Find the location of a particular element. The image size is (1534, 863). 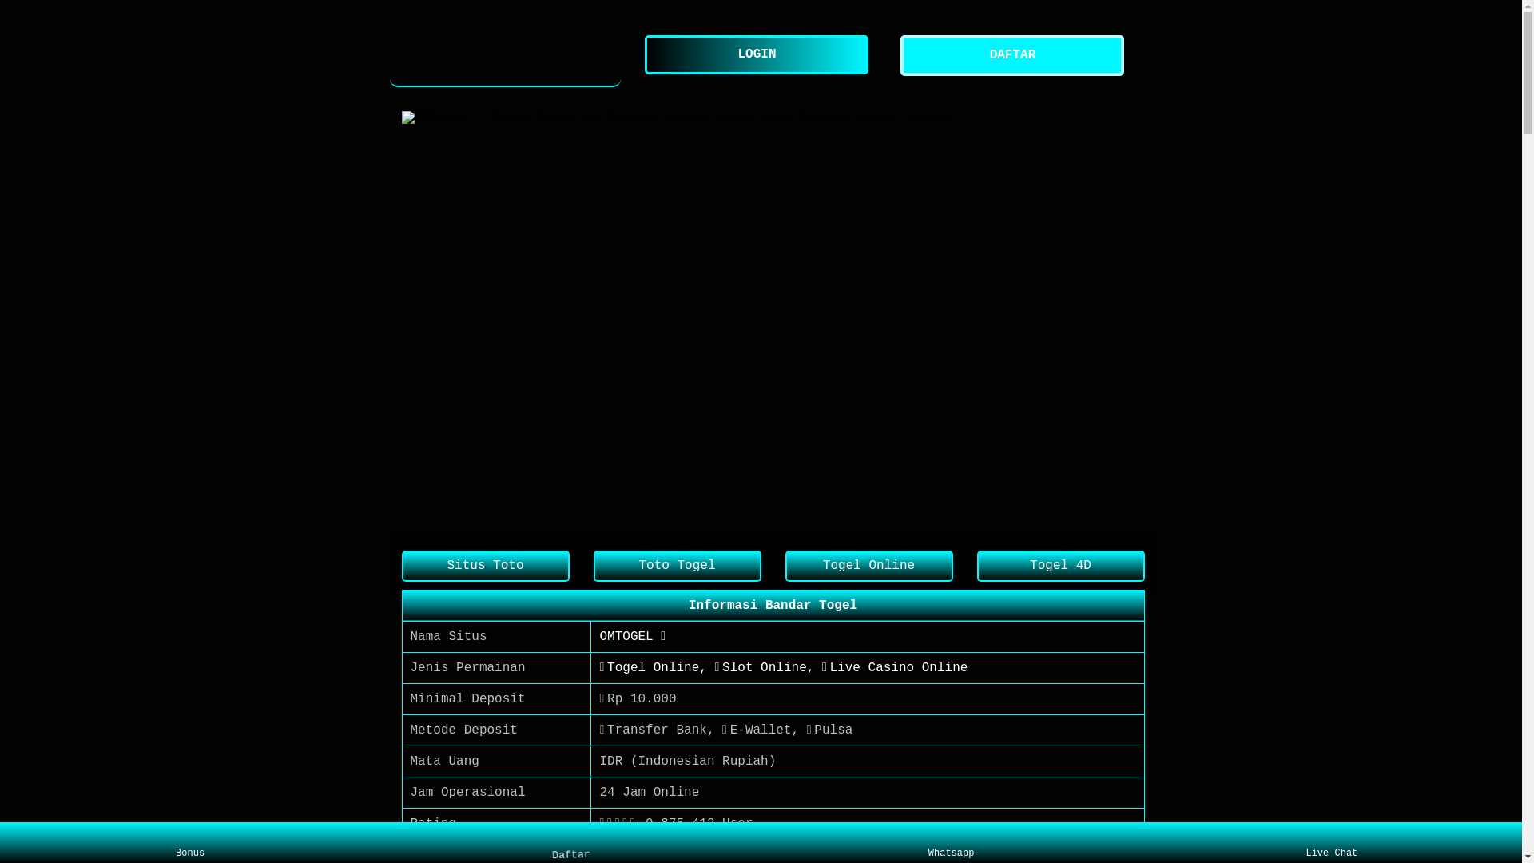

'Toto Togel' is located at coordinates (676, 565).